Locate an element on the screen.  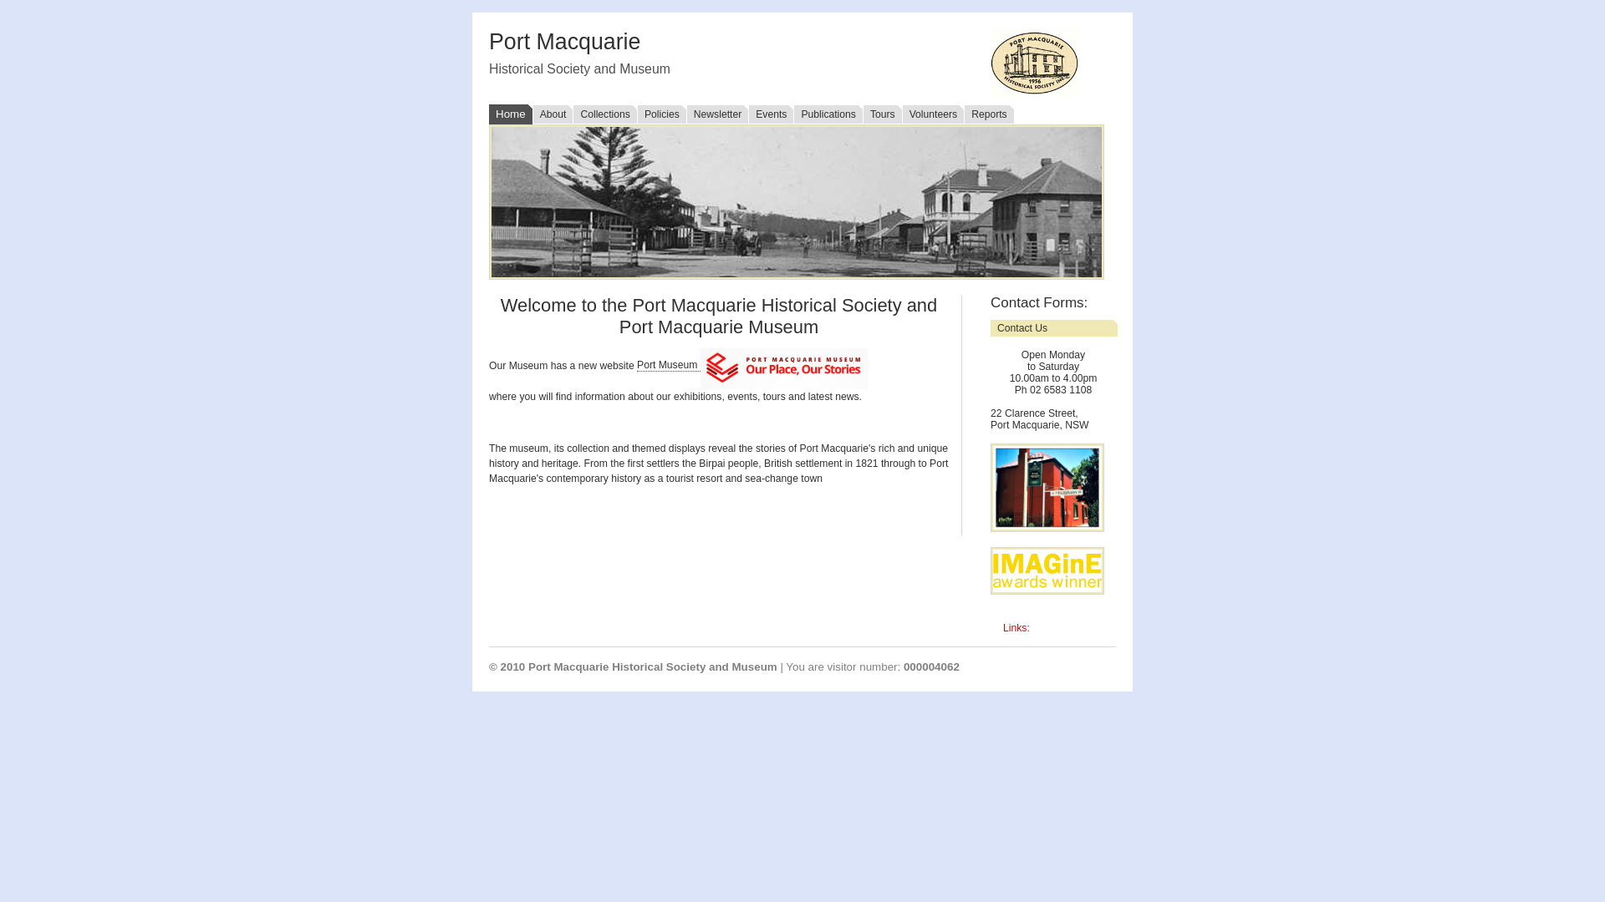
'Newsletter' is located at coordinates (717, 114).